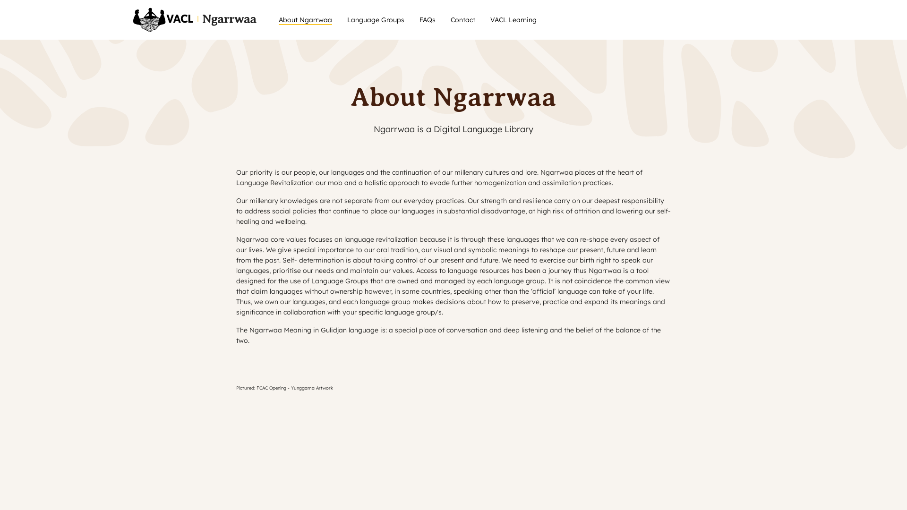 The image size is (907, 510). Describe the element at coordinates (427, 20) in the screenshot. I see `'FAQs'` at that location.